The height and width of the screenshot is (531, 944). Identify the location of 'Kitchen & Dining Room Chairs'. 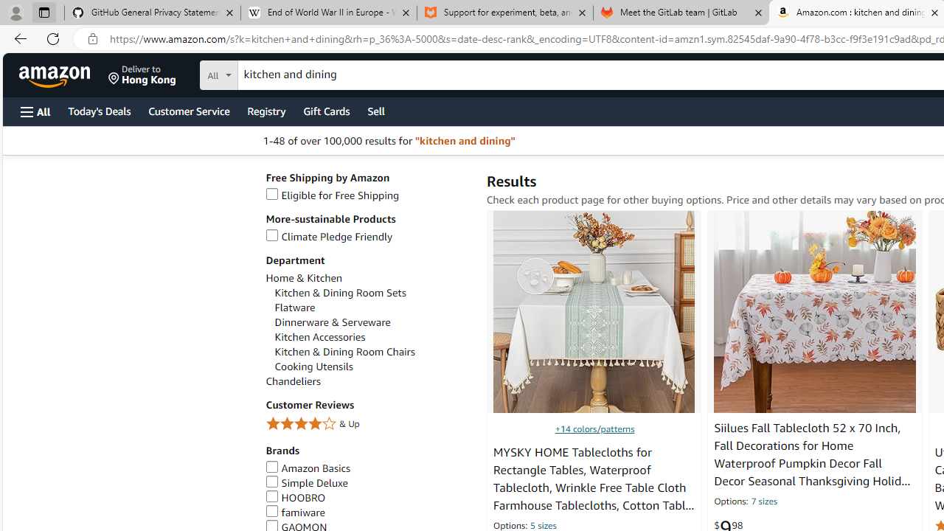
(373, 352).